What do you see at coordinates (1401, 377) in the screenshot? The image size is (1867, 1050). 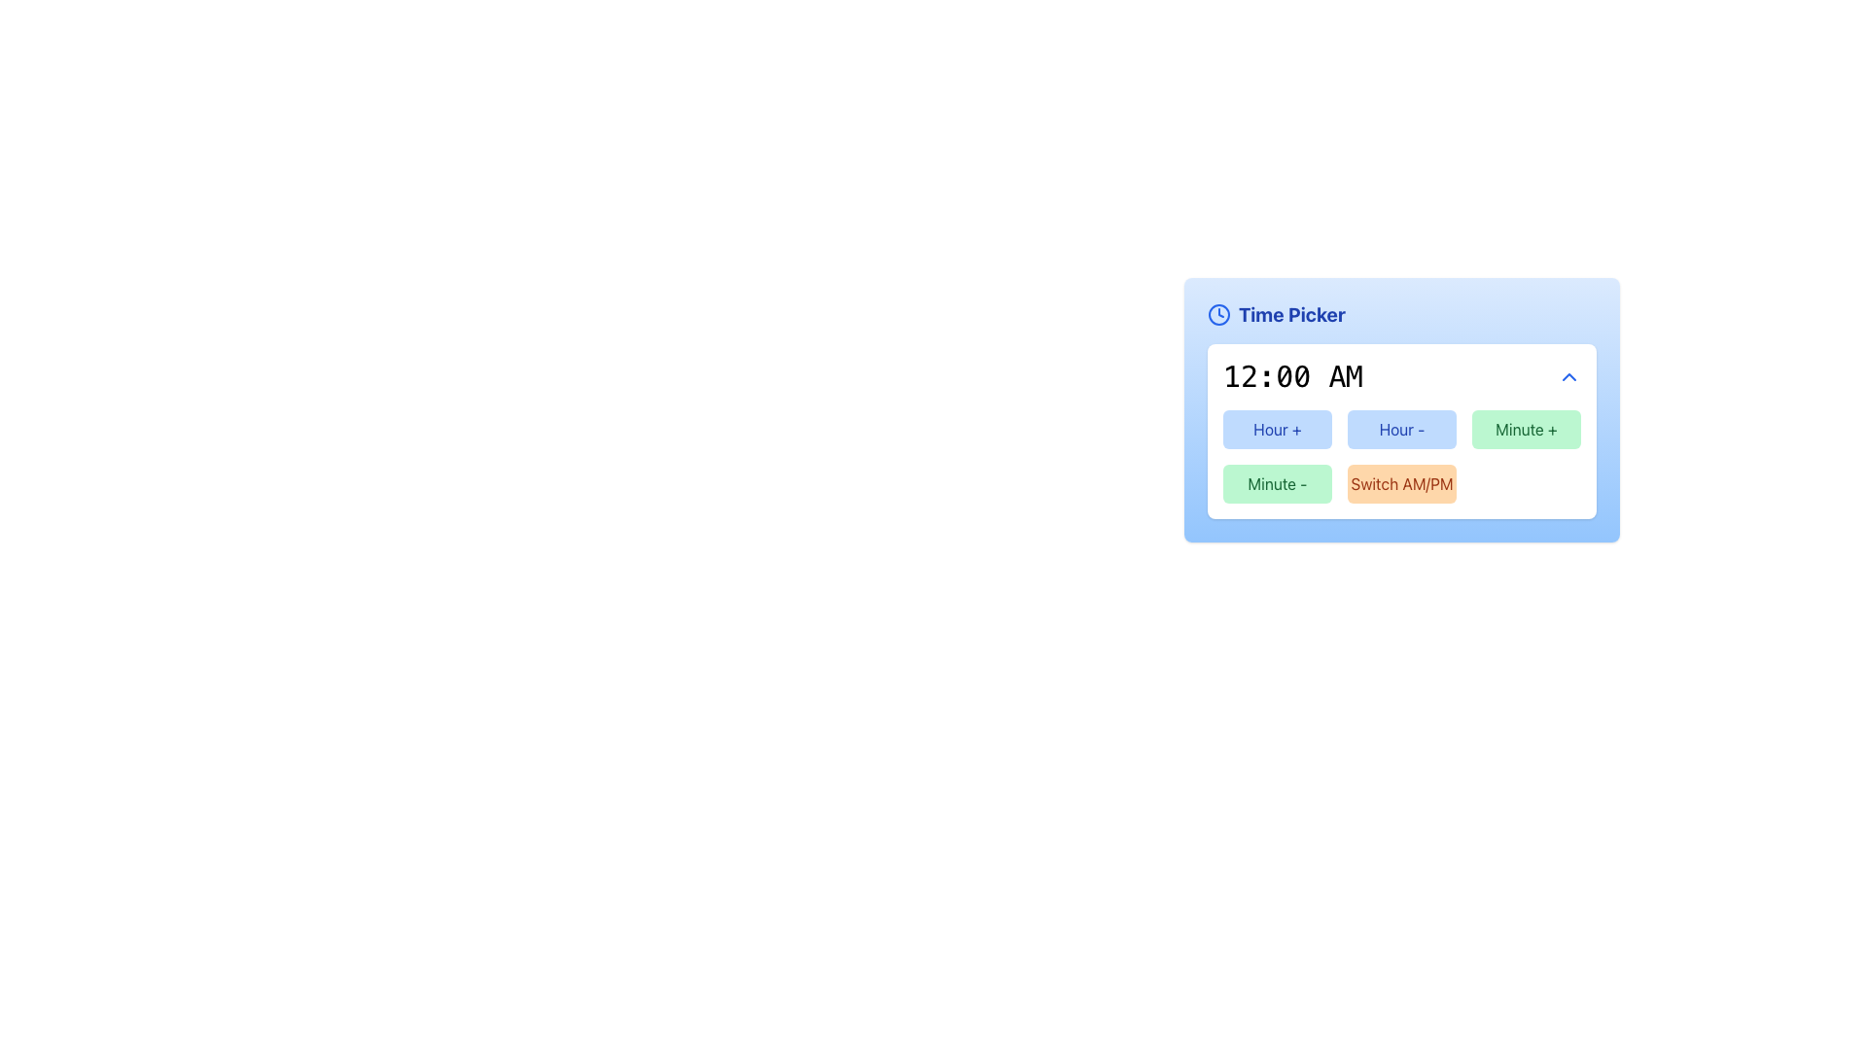 I see `the dropdown button of the Date/Time Display and Control` at bounding box center [1401, 377].